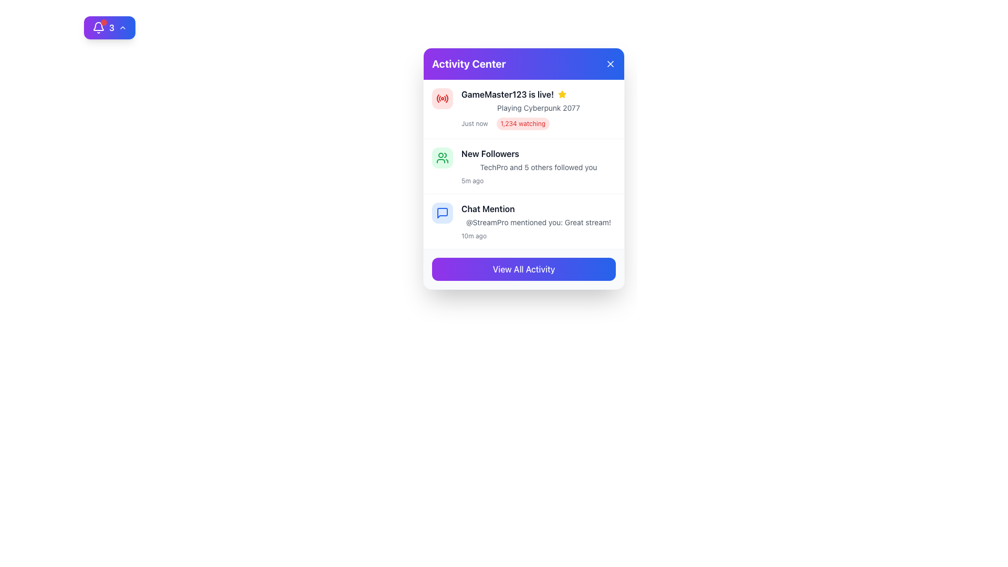 The width and height of the screenshot is (1008, 567). Describe the element at coordinates (539, 94) in the screenshot. I see `the text 'GameMaster123 is live!' with the accompanying yellow star icon, located at the top of the notification item in the 'Activity Center' section` at that location.